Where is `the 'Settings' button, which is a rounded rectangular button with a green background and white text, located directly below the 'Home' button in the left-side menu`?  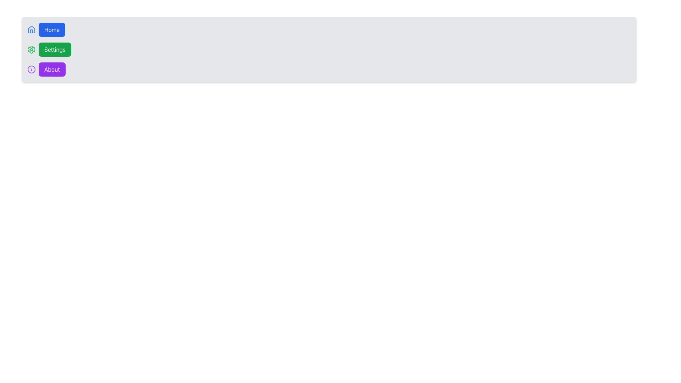 the 'Settings' button, which is a rounded rectangular button with a green background and white text, located directly below the 'Home' button in the left-side menu is located at coordinates (49, 49).